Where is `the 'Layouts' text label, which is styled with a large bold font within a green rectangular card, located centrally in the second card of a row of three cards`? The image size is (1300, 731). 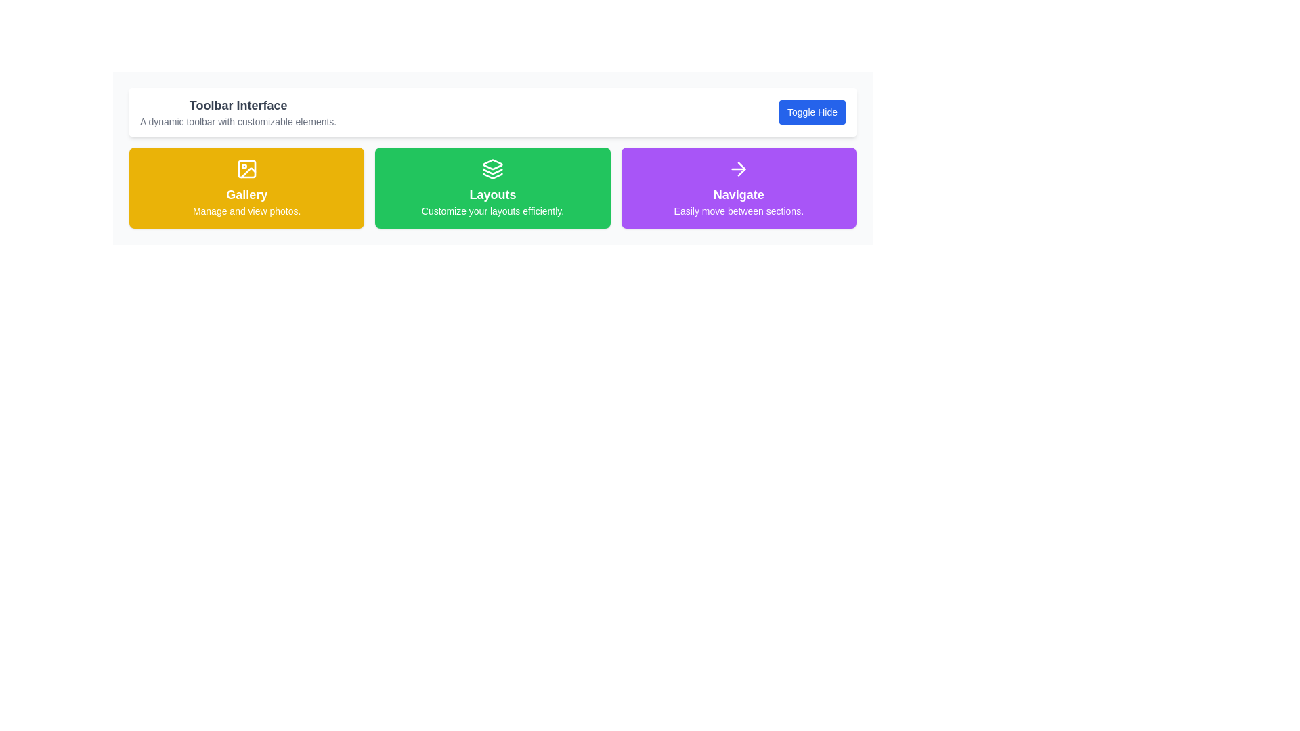 the 'Layouts' text label, which is styled with a large bold font within a green rectangular card, located centrally in the second card of a row of three cards is located at coordinates (492, 195).